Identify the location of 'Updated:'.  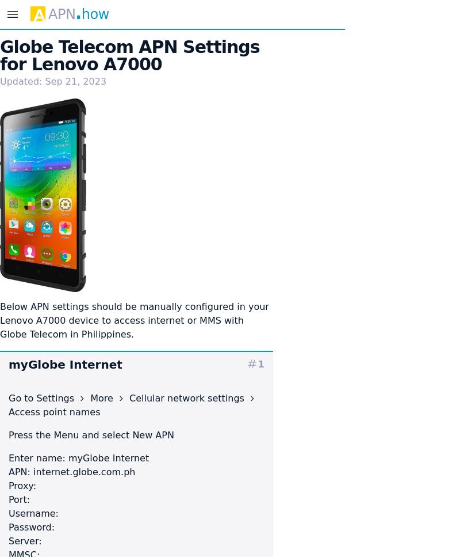
(22, 81).